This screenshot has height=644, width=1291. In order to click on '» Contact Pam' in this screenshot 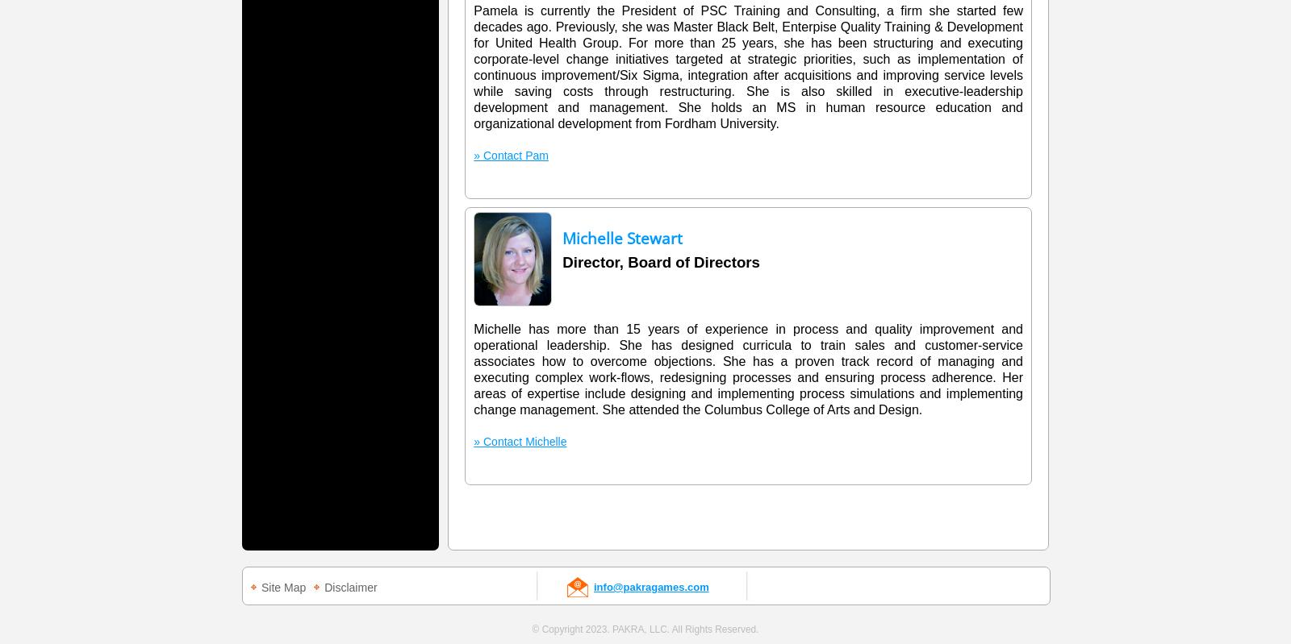, I will do `click(510, 156)`.